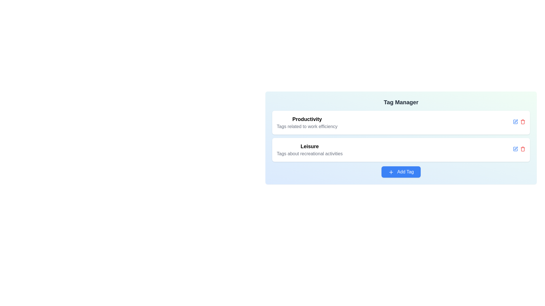 This screenshot has width=545, height=306. Describe the element at coordinates (401, 171) in the screenshot. I see `the 'Add Tag' button located at the bottom center of the 'Tag Manager' section, directly below the 'Productivity' and 'Leisure' tag categories` at that location.